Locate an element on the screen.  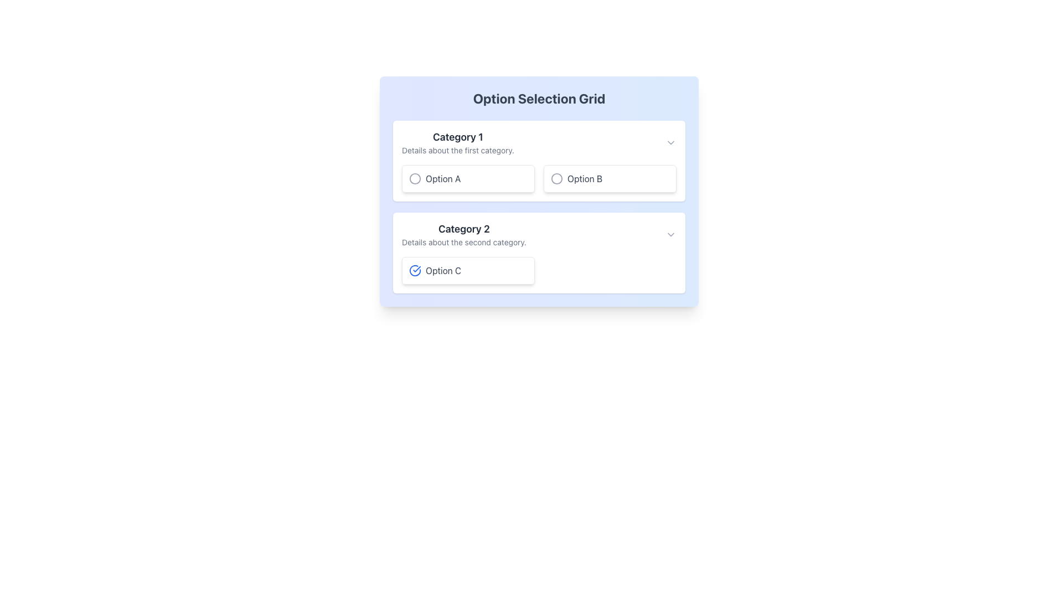
the unselected radio button located to the left of the label 'Option B' in the 'Category 1' group is located at coordinates (557, 178).